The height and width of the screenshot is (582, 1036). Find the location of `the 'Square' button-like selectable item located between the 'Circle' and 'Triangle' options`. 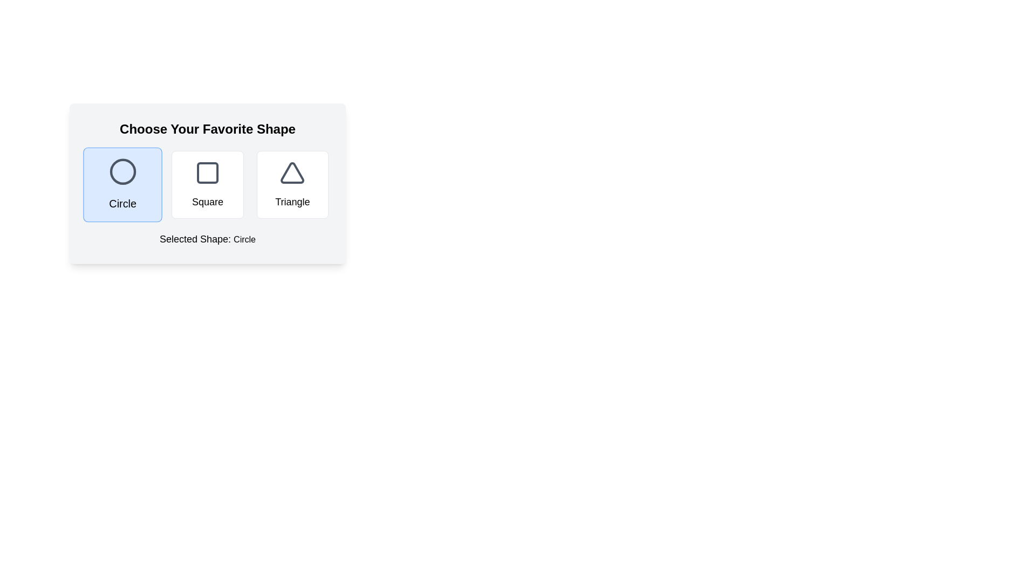

the 'Square' button-like selectable item located between the 'Circle' and 'Triangle' options is located at coordinates (207, 184).